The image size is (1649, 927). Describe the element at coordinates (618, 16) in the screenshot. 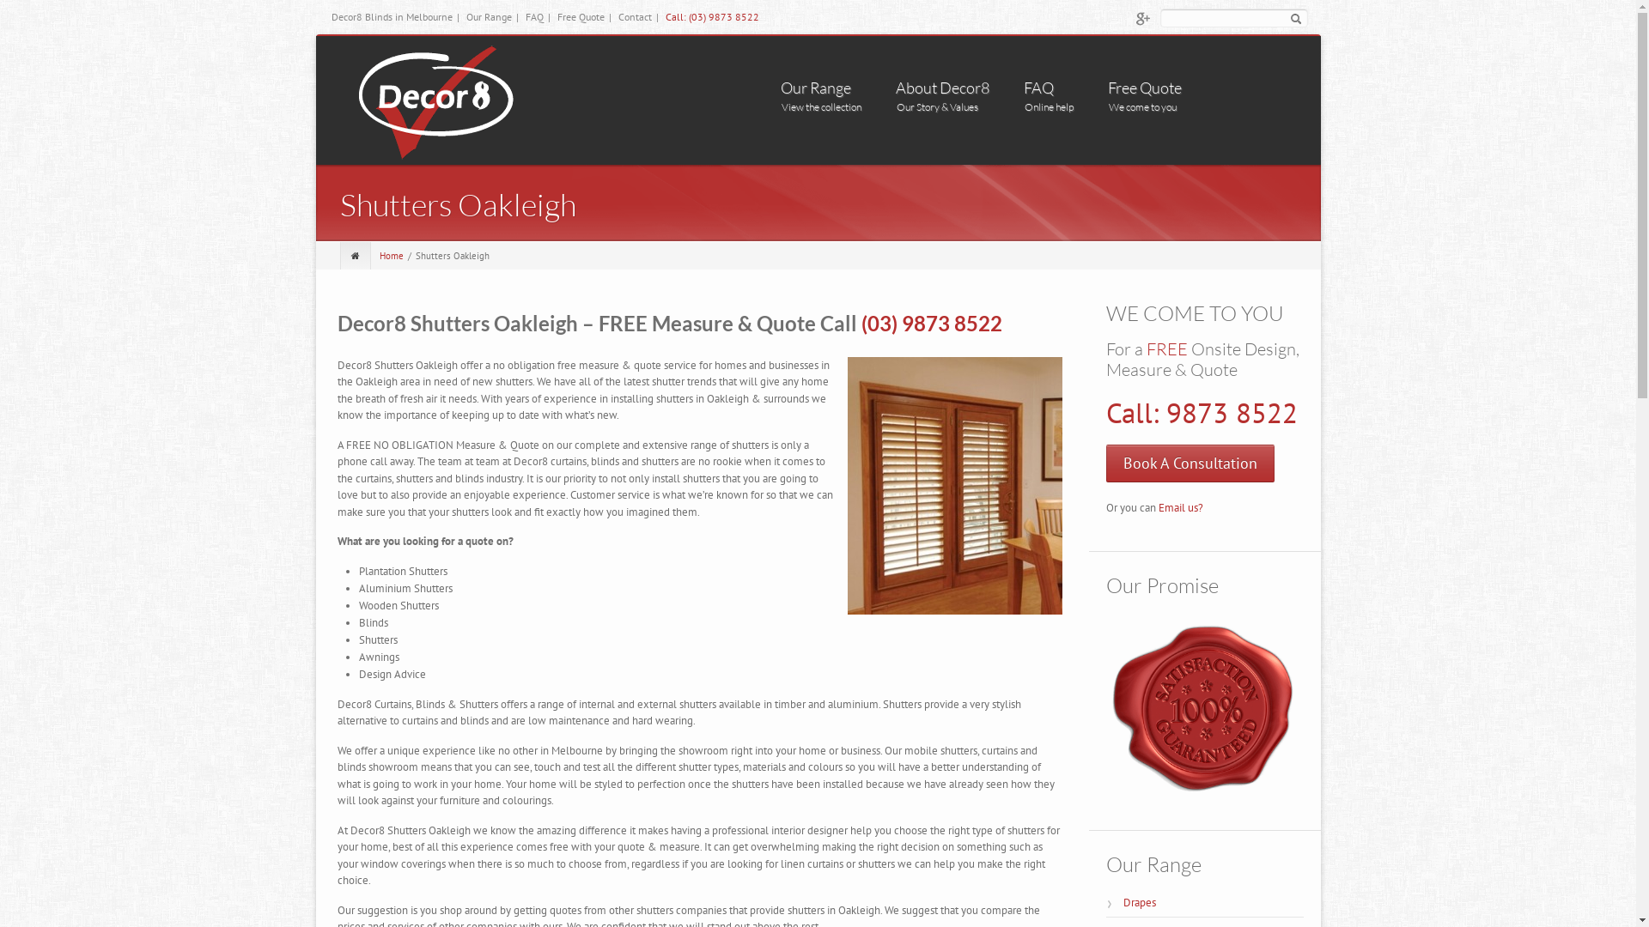

I see `'Contact|'` at that location.